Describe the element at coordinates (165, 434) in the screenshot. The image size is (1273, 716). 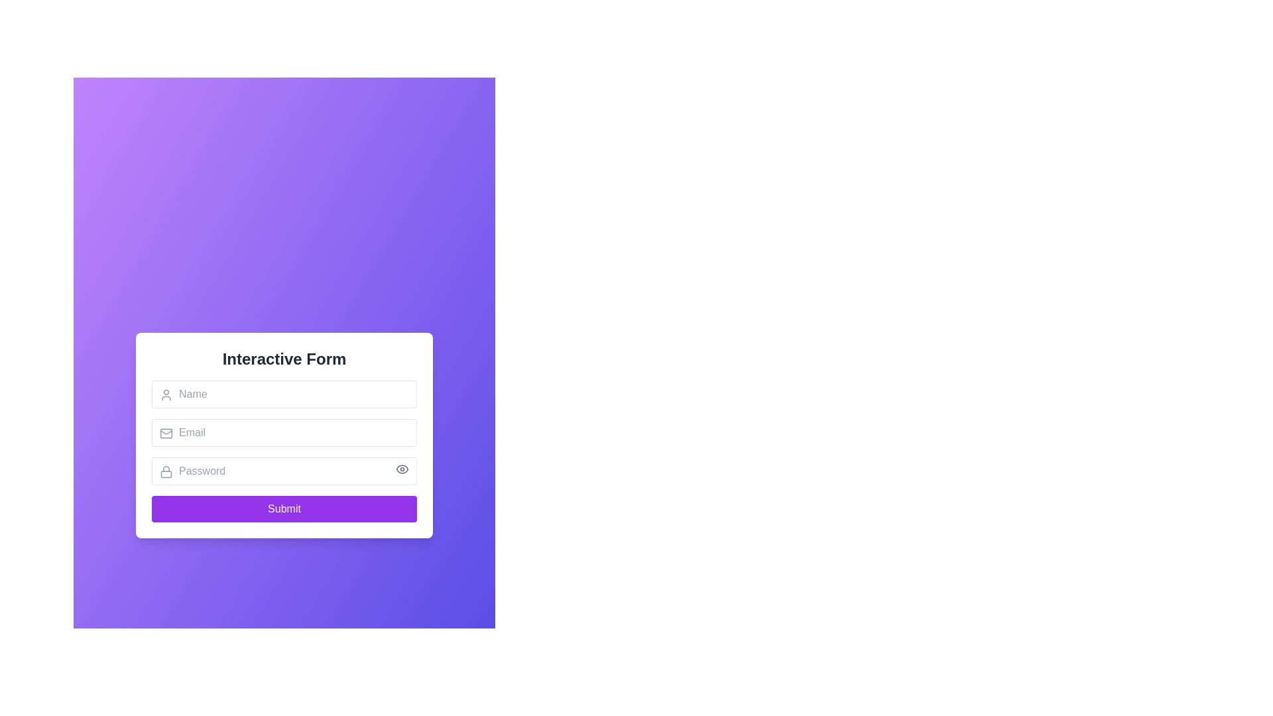
I see `the email input field icon, which visually indicates that the field is for entering an email address, located at the top-left corner inside the email input field close to the placeholder text 'Email'` at that location.